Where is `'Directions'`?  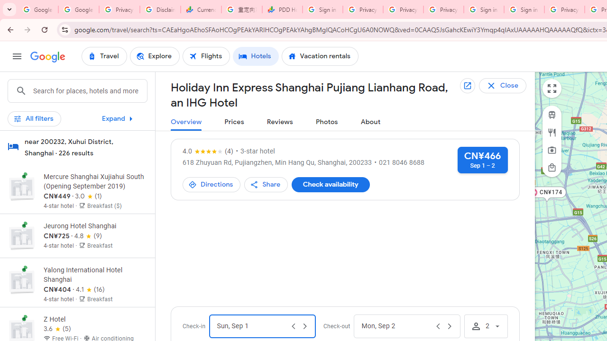
'Directions' is located at coordinates (211, 184).